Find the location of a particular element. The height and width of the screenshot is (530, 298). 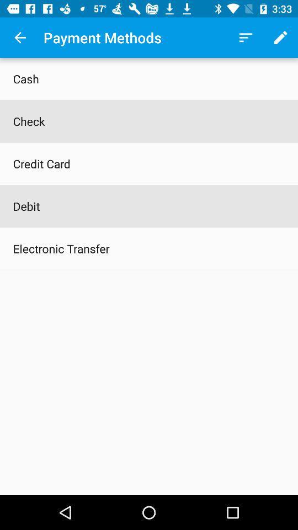

icon next to the payment methods icon is located at coordinates (246, 38).